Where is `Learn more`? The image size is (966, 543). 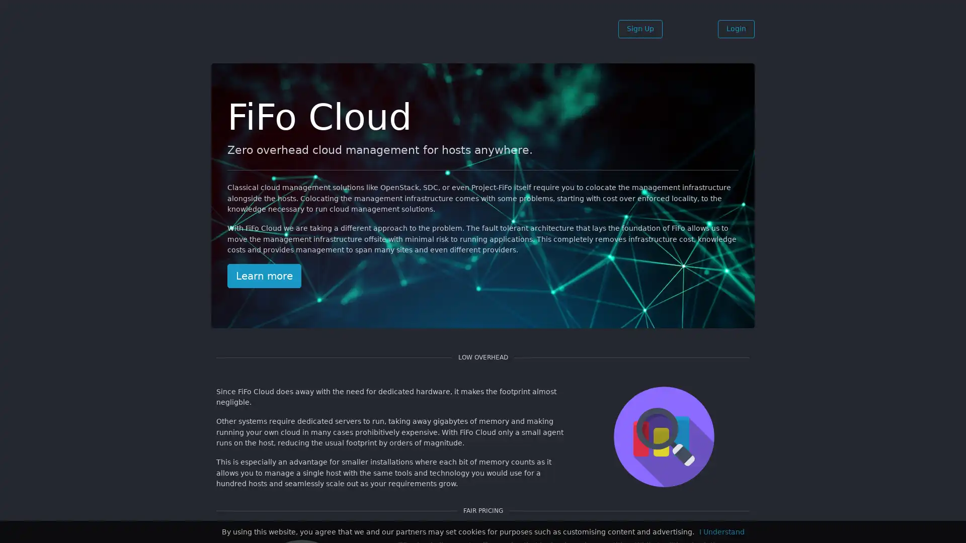
Learn more is located at coordinates (264, 275).